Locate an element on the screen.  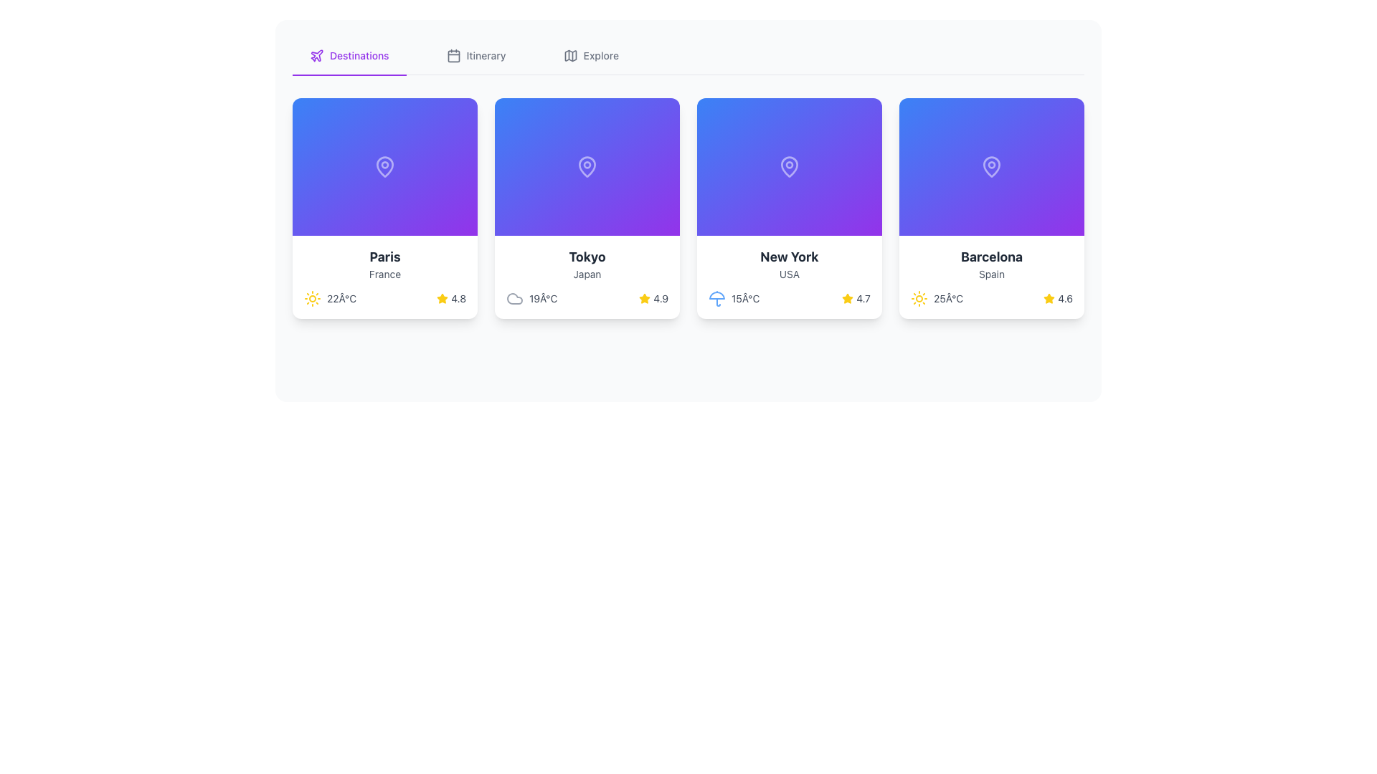
the weather icon indicating cloudy conditions in the bottom-left corner of the 'Tokyo' card is located at coordinates (515, 297).